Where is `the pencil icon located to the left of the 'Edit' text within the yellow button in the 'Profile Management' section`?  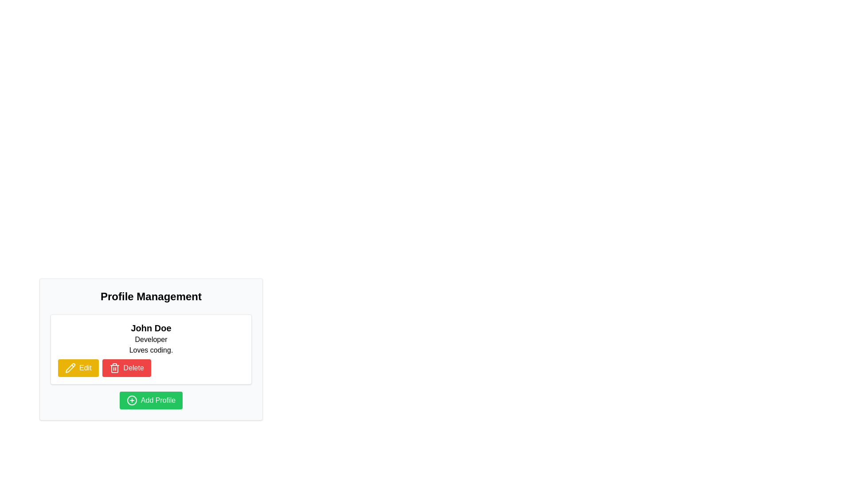 the pencil icon located to the left of the 'Edit' text within the yellow button in the 'Profile Management' section is located at coordinates (70, 368).